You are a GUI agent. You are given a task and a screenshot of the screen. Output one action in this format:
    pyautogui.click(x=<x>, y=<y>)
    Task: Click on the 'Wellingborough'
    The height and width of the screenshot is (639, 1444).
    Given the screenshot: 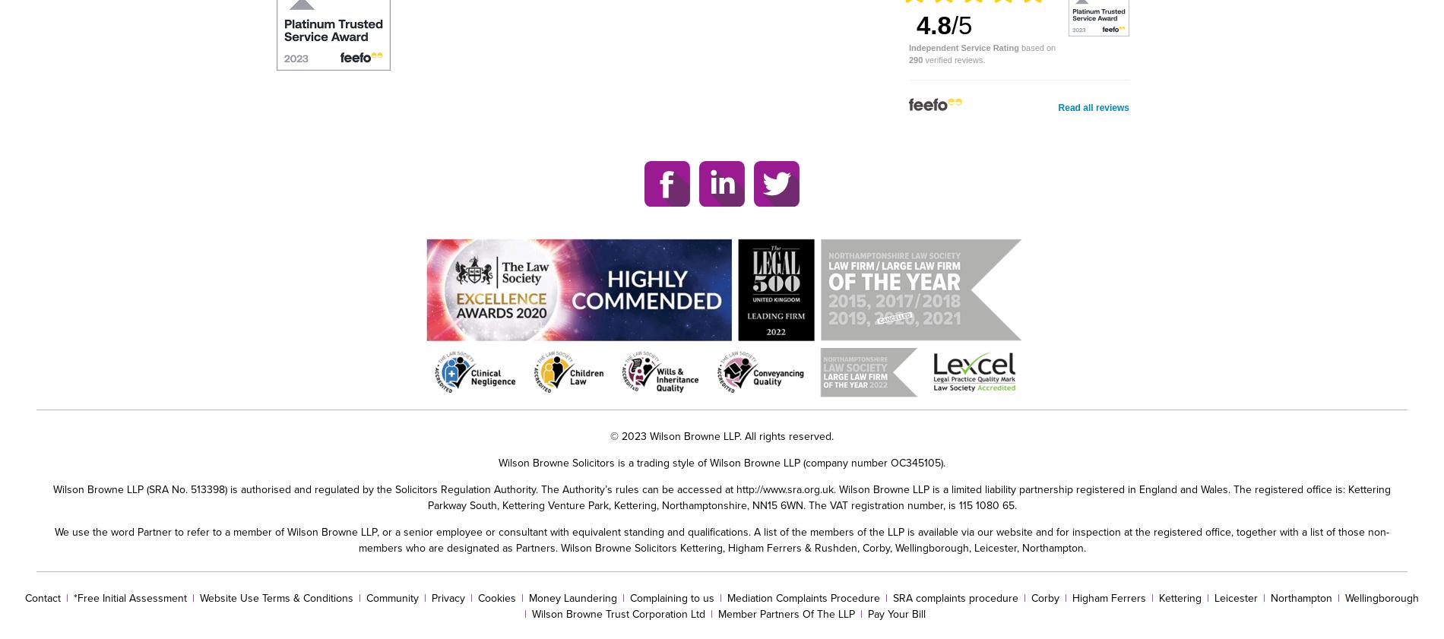 What is the action you would take?
    pyautogui.click(x=1381, y=597)
    